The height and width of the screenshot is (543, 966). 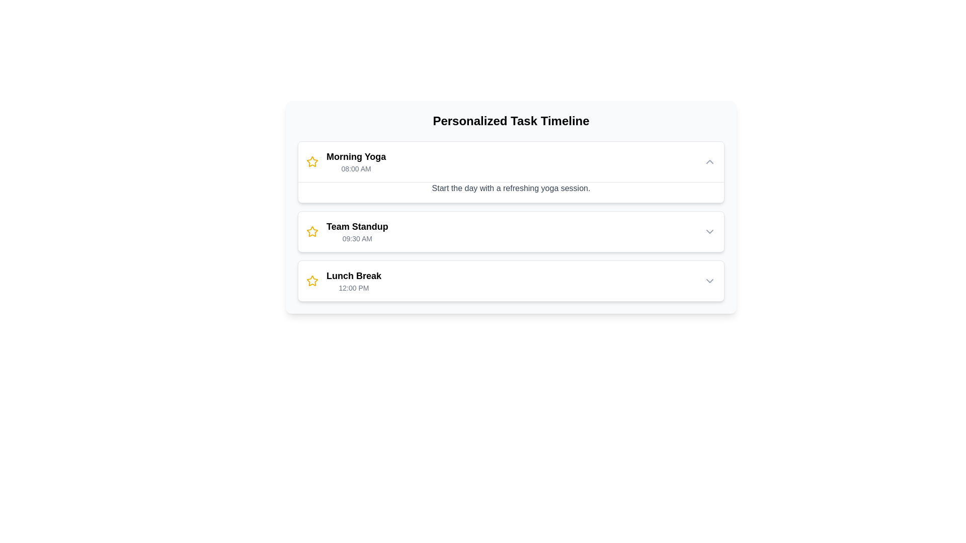 What do you see at coordinates (357, 238) in the screenshot?
I see `the text label displaying '09:30 AM' located below the 'Team Standup' title in the second card of the vertical events list` at bounding box center [357, 238].